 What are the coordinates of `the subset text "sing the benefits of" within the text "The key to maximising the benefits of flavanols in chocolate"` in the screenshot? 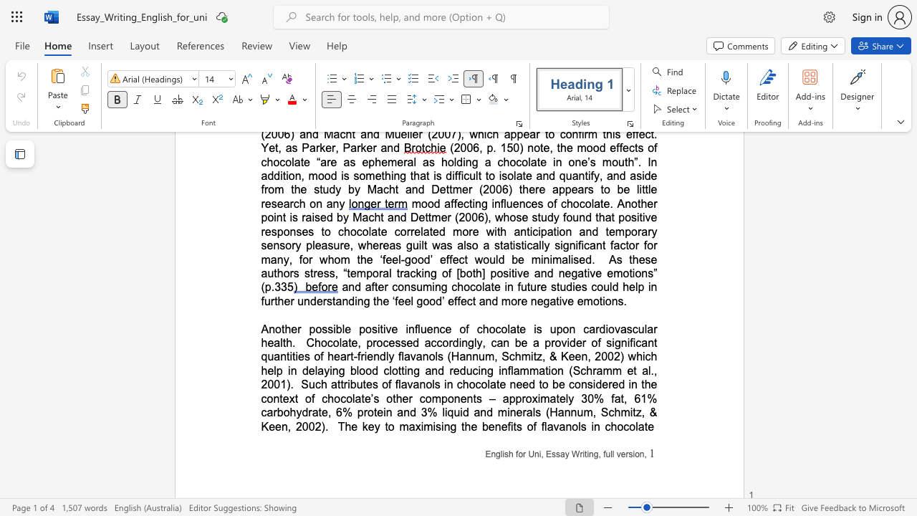 It's located at (435, 426).